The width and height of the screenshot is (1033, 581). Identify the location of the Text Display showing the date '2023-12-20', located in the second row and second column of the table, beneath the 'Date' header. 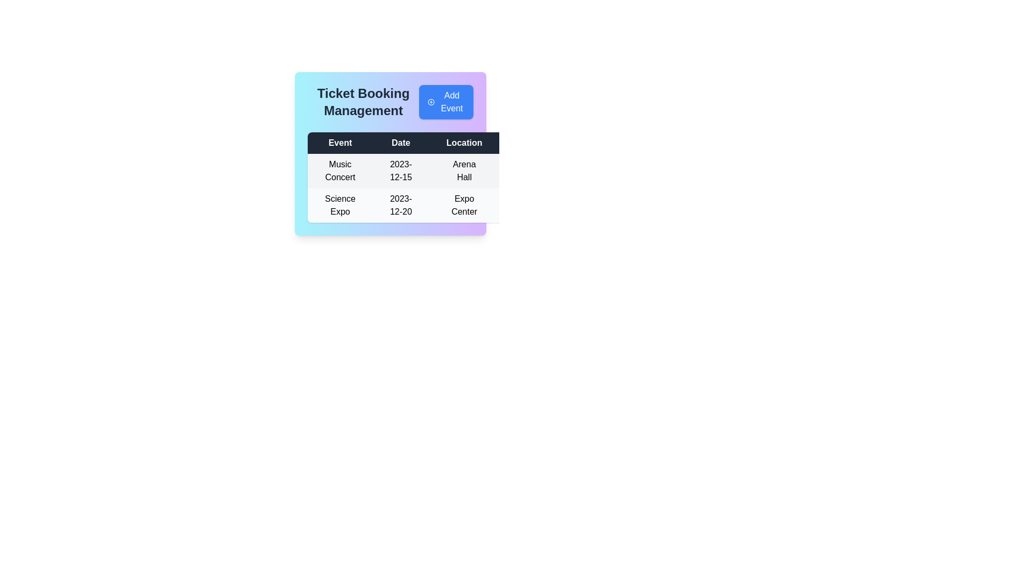
(400, 205).